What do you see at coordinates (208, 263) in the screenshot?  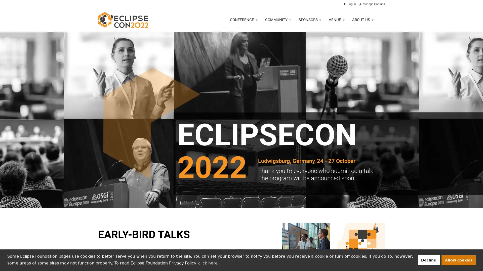 I see `learn more about cookies` at bounding box center [208, 263].